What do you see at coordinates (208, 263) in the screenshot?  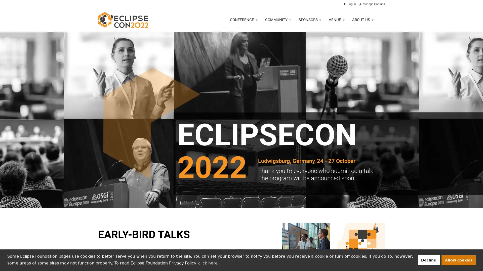 I see `learn more about cookies` at bounding box center [208, 263].